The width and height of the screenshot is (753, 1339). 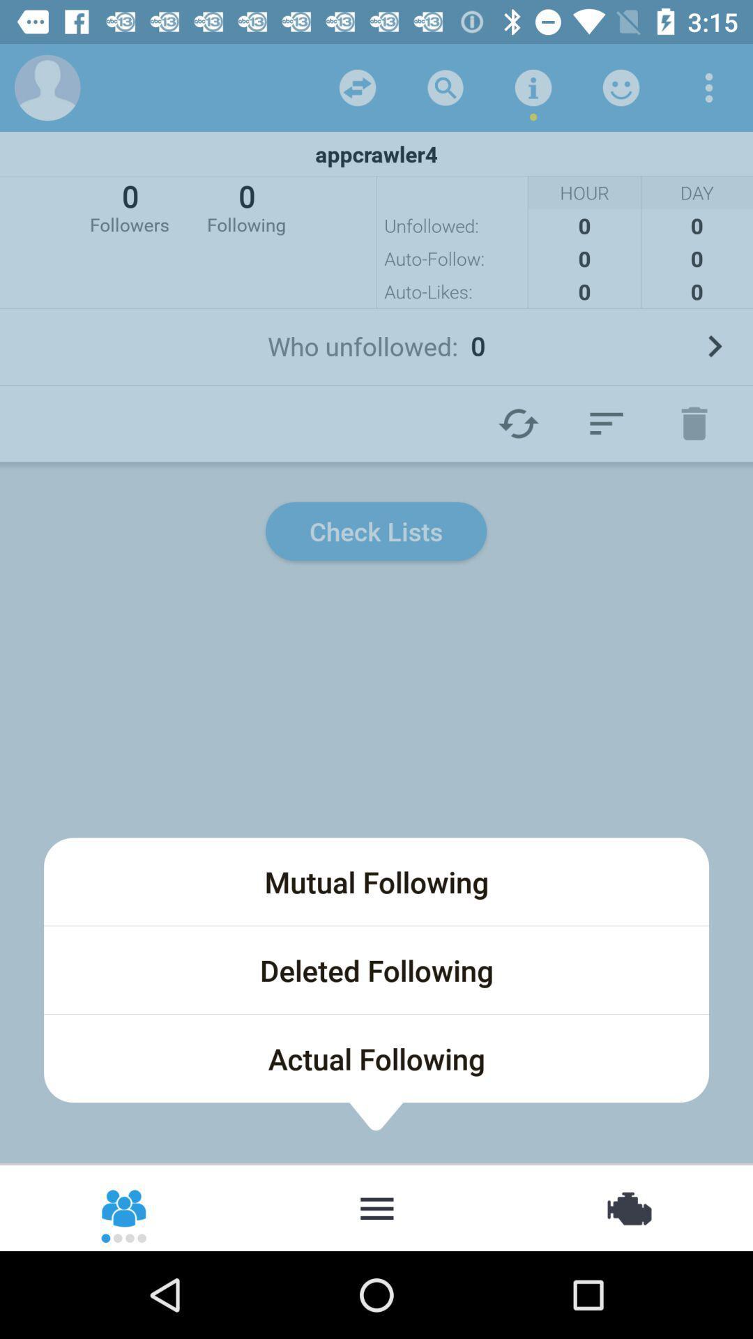 What do you see at coordinates (376, 1058) in the screenshot?
I see `actual following icon` at bounding box center [376, 1058].